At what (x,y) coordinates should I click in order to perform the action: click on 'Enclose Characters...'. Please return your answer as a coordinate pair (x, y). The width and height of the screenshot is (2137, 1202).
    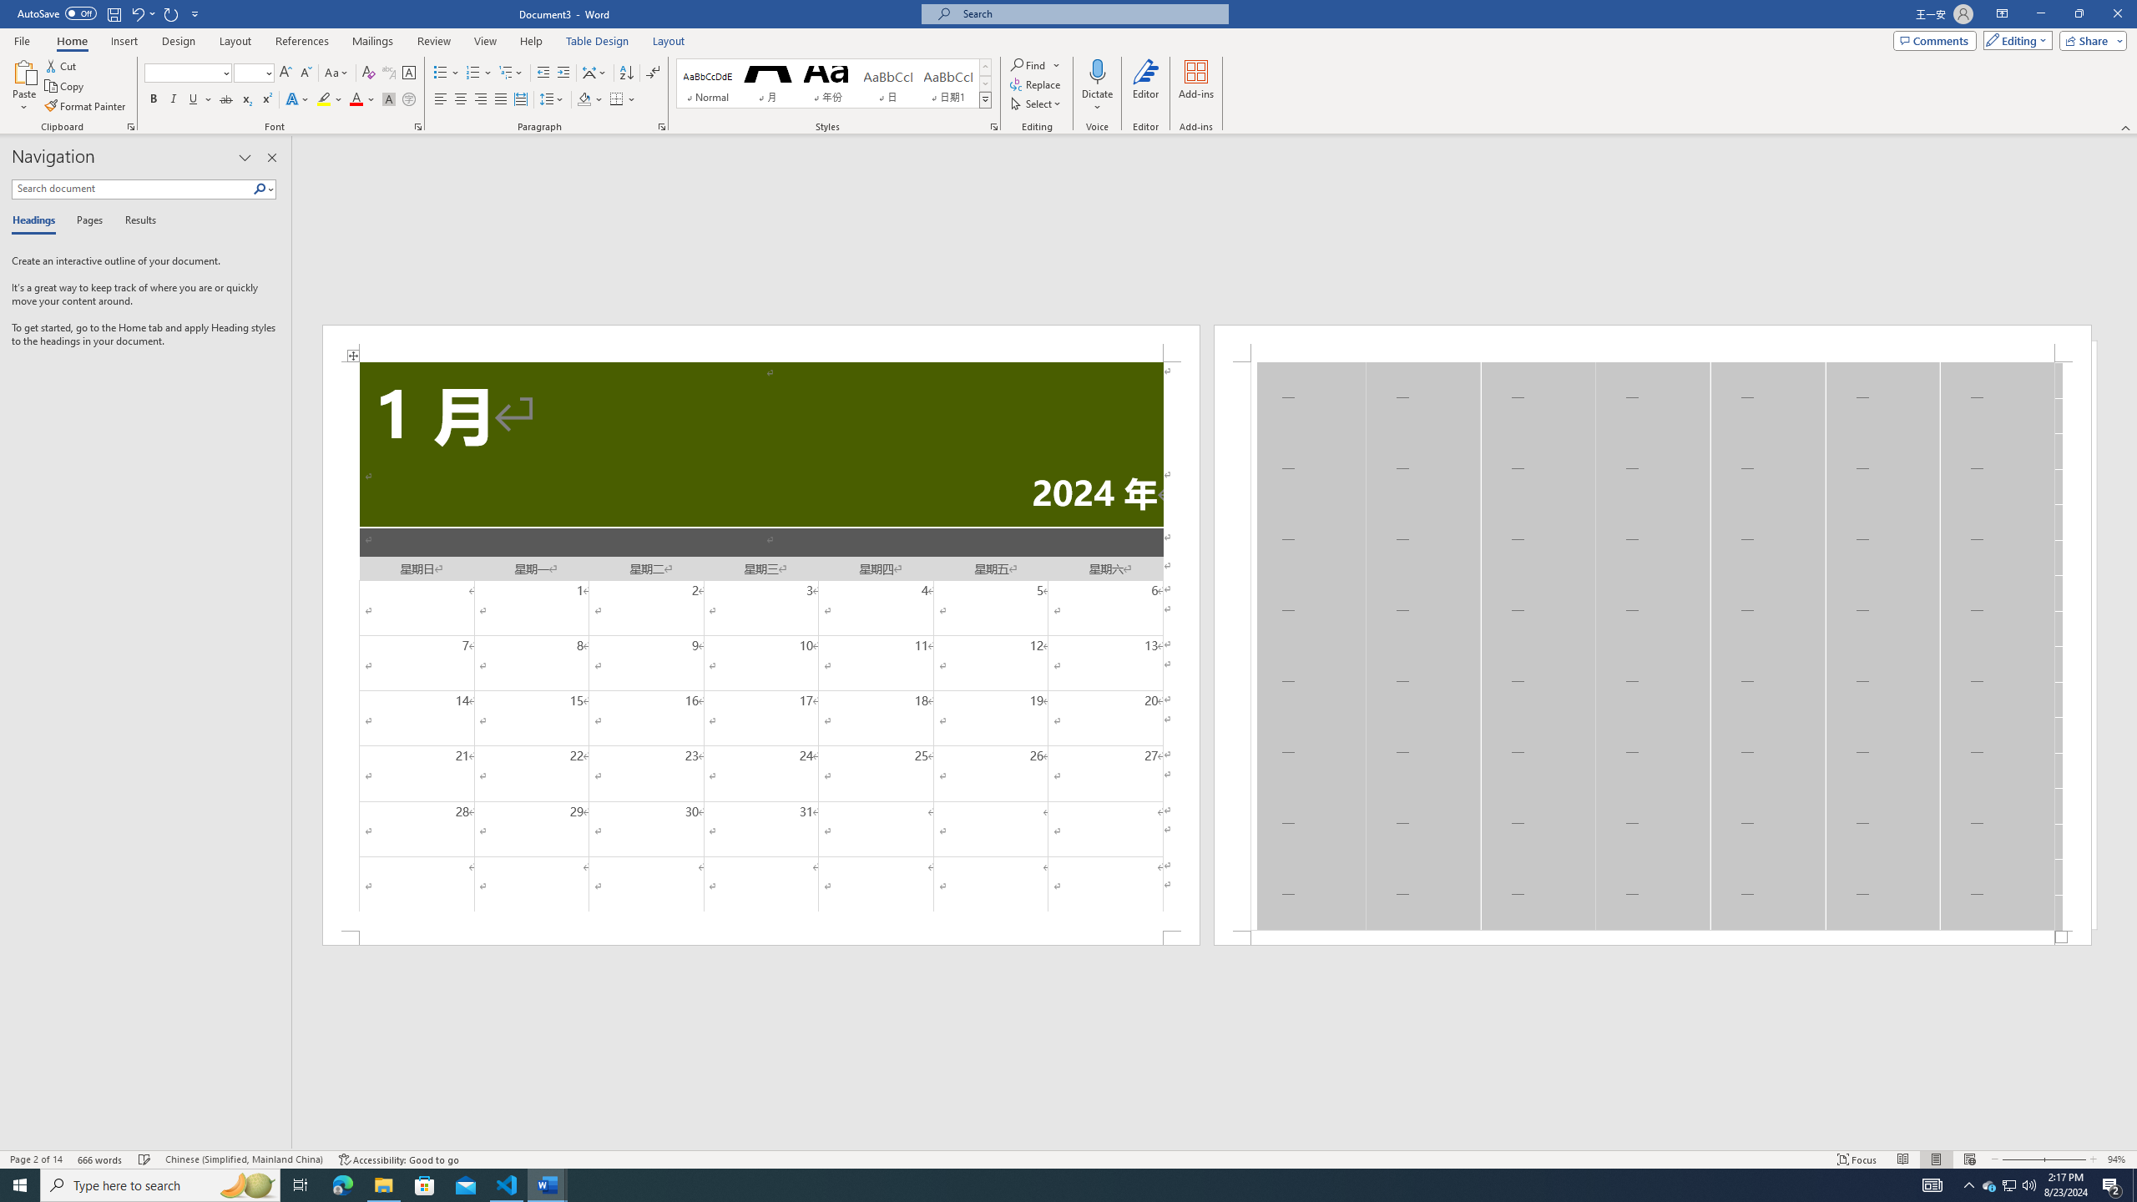
    Looking at the image, I should click on (408, 98).